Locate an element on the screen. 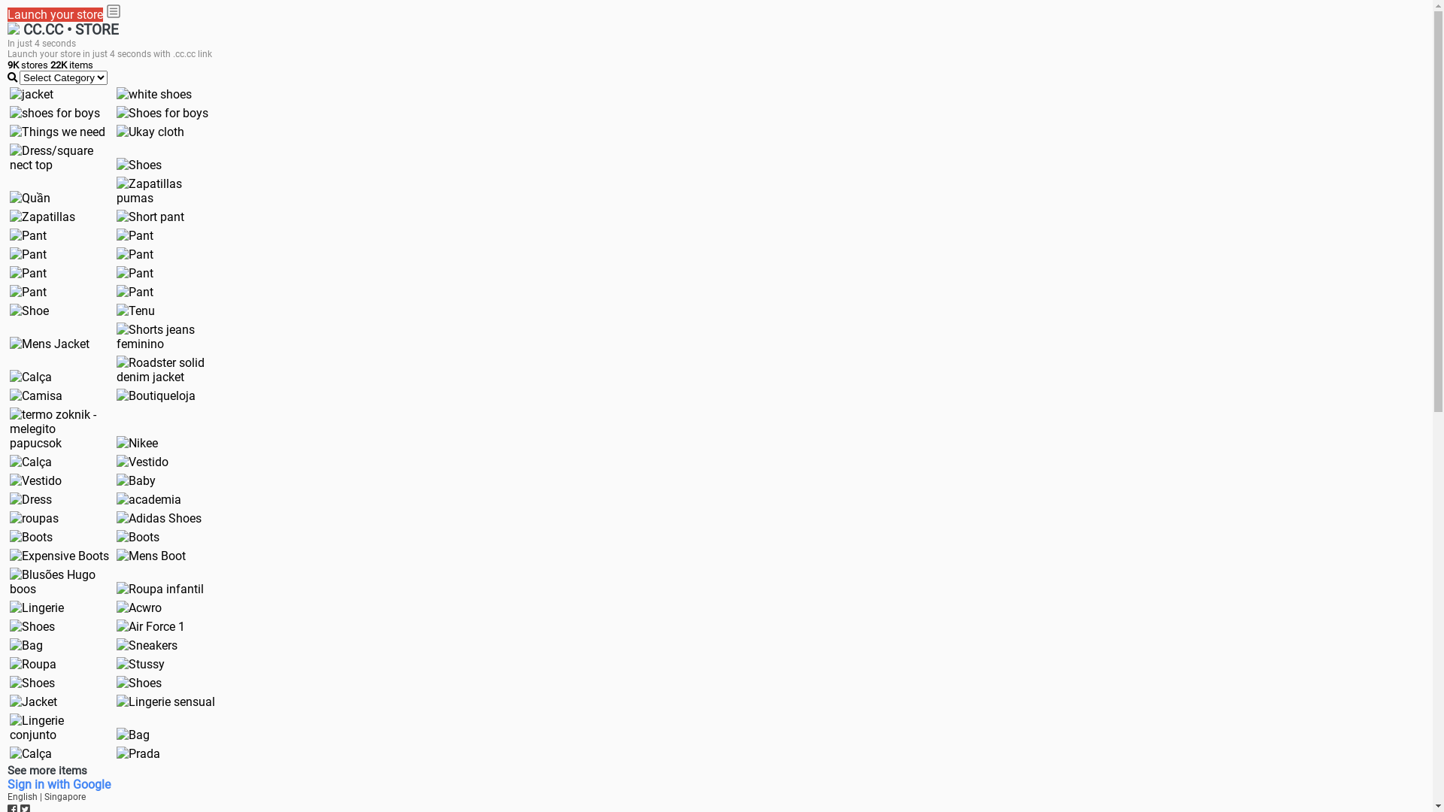 Image resolution: width=1444 pixels, height=812 pixels. 'Bag' is located at coordinates (133, 734).